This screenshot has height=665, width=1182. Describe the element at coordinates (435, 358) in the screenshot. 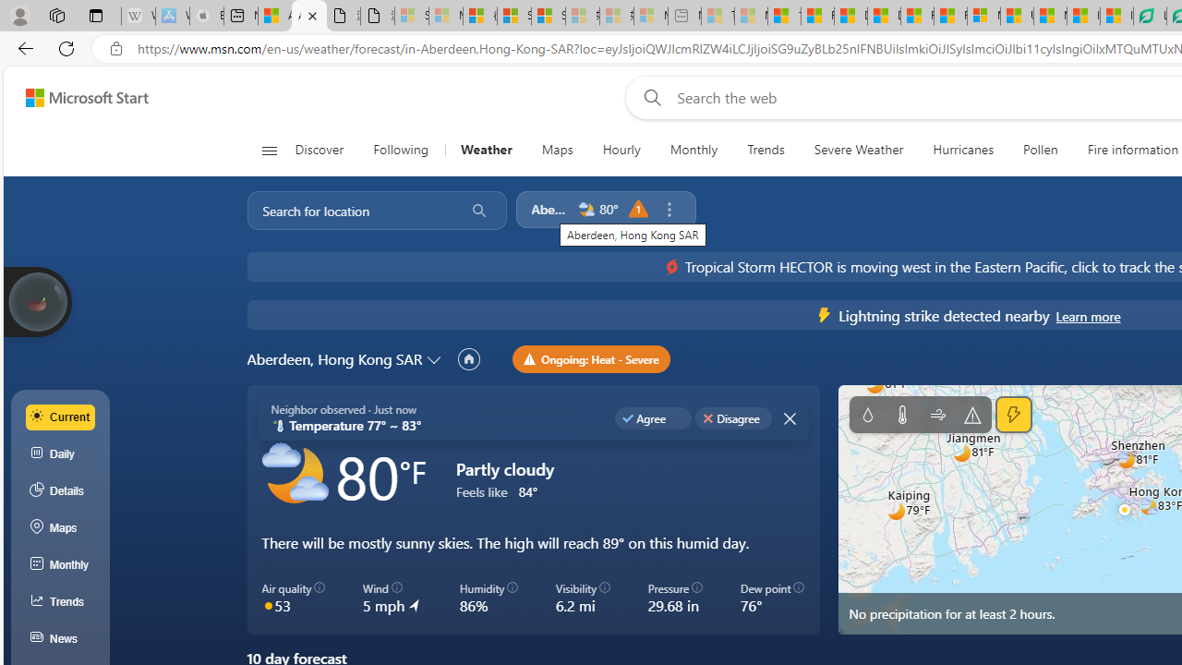

I see `'Change location'` at that location.